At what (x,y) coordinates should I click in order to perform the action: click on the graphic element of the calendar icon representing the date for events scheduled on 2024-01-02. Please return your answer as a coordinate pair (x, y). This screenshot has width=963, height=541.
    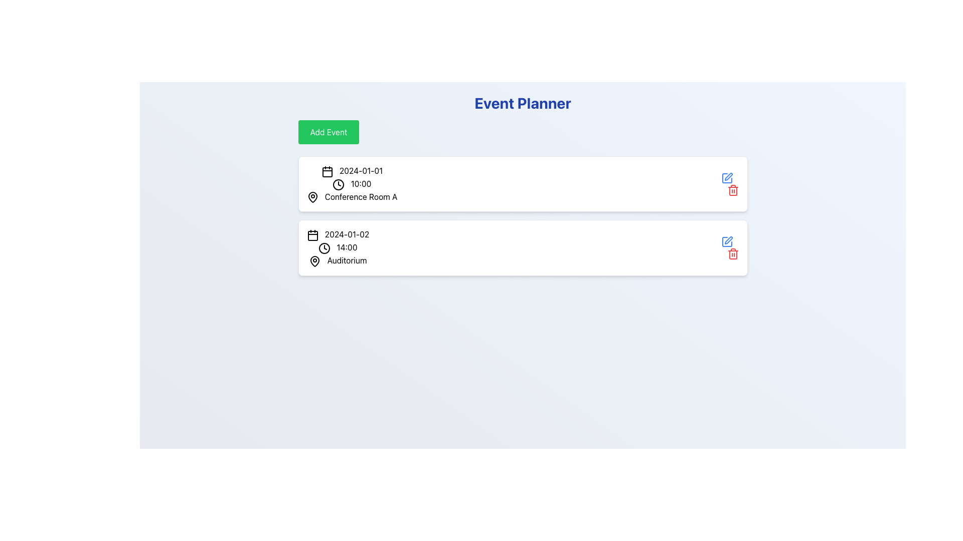
    Looking at the image, I should click on (312, 236).